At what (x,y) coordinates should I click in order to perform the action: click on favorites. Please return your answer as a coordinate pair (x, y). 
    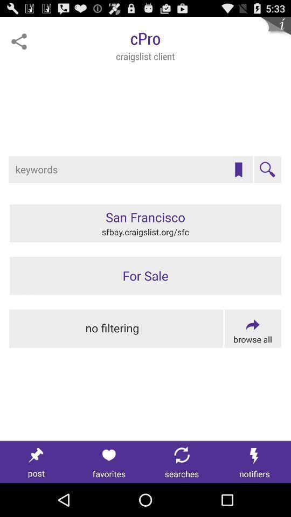
    Looking at the image, I should click on (109, 462).